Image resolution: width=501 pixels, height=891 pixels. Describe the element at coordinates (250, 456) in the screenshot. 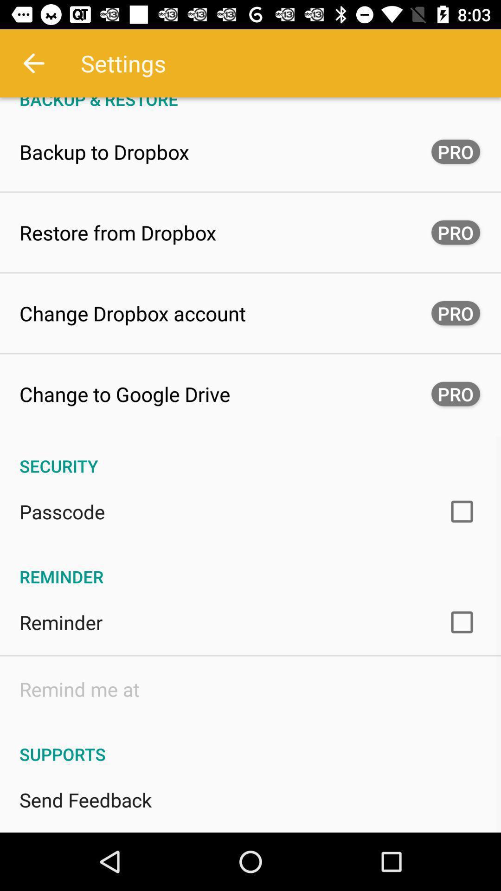

I see `the icon below change to google app` at that location.